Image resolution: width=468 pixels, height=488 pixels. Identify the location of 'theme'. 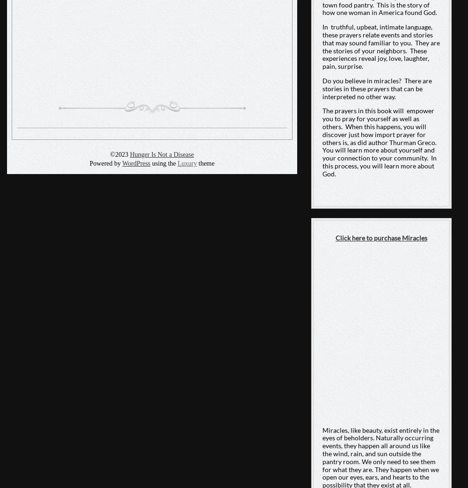
(205, 163).